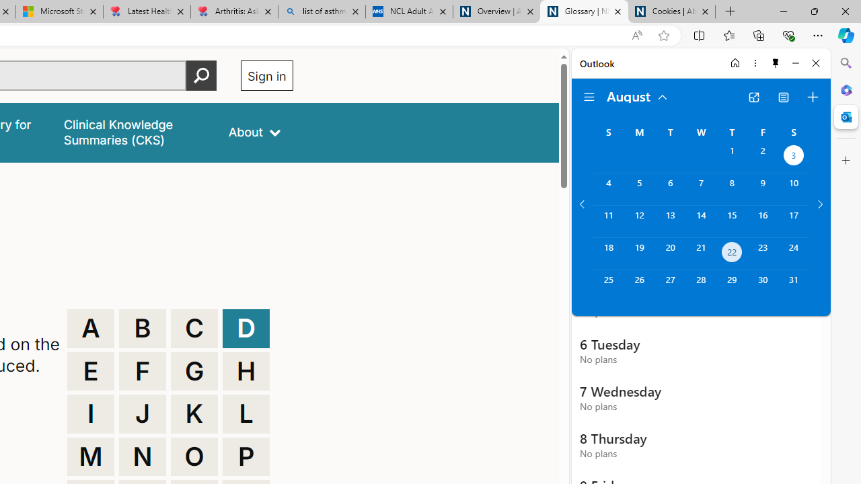  I want to click on 'F', so click(143, 371).